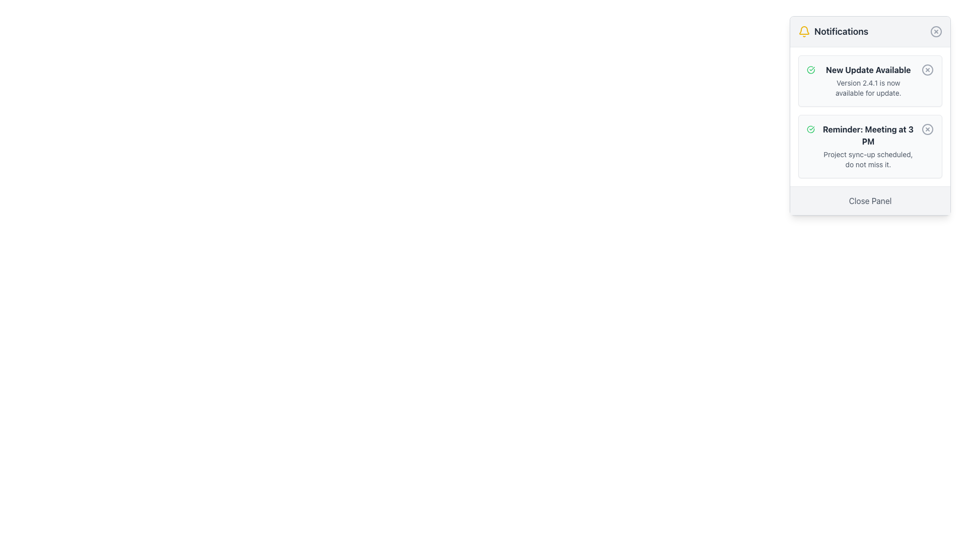 This screenshot has width=967, height=544. Describe the element at coordinates (867, 135) in the screenshot. I see `the bold-text notification title that reads 'Reminder: Meeting at 3 PM' which is located in the top section of its notification block` at that location.